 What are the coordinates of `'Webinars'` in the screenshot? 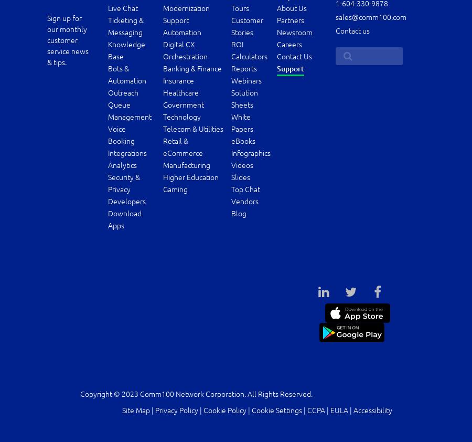 It's located at (245, 79).